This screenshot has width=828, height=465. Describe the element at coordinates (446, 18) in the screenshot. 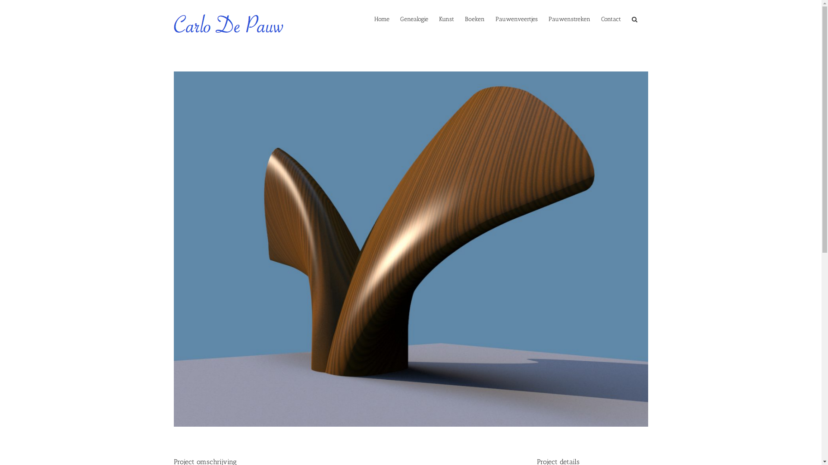

I see `'Kunst'` at that location.